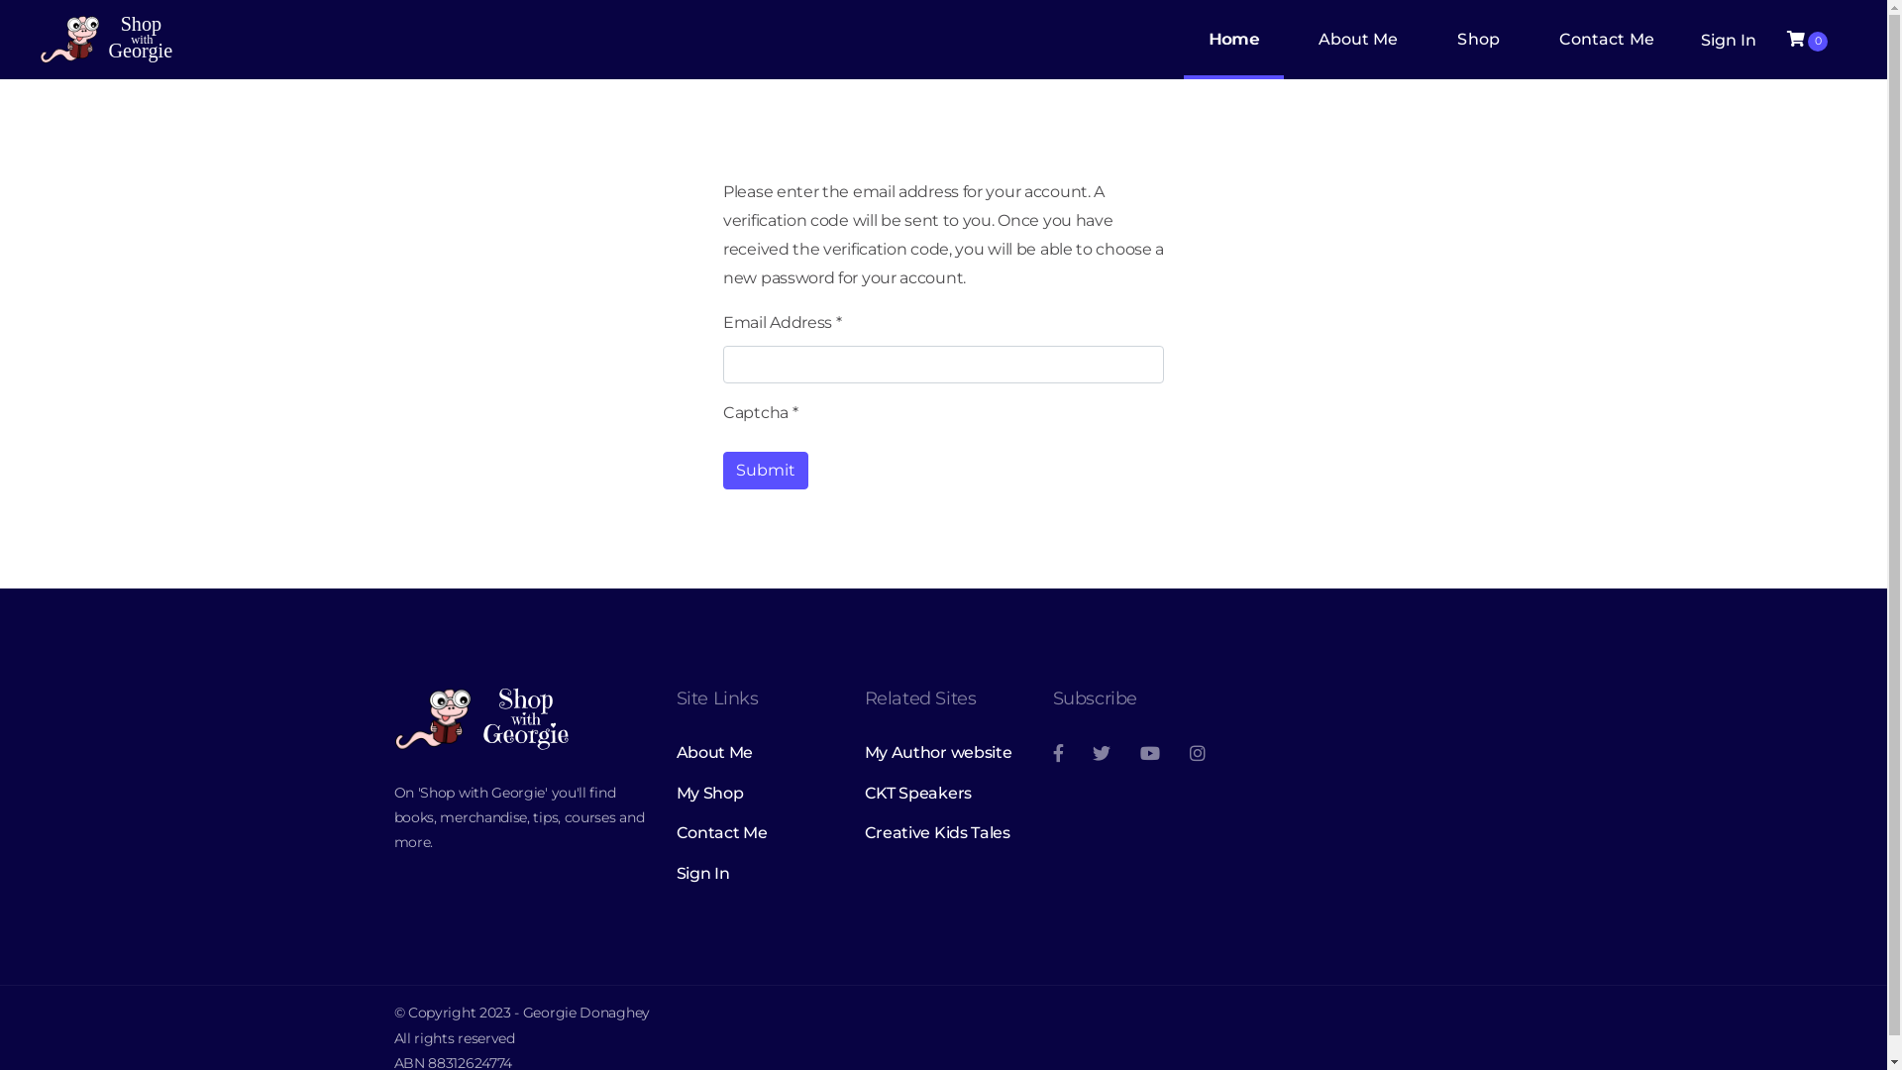 The width and height of the screenshot is (1902, 1070). I want to click on 'Shop', so click(1431, 39).